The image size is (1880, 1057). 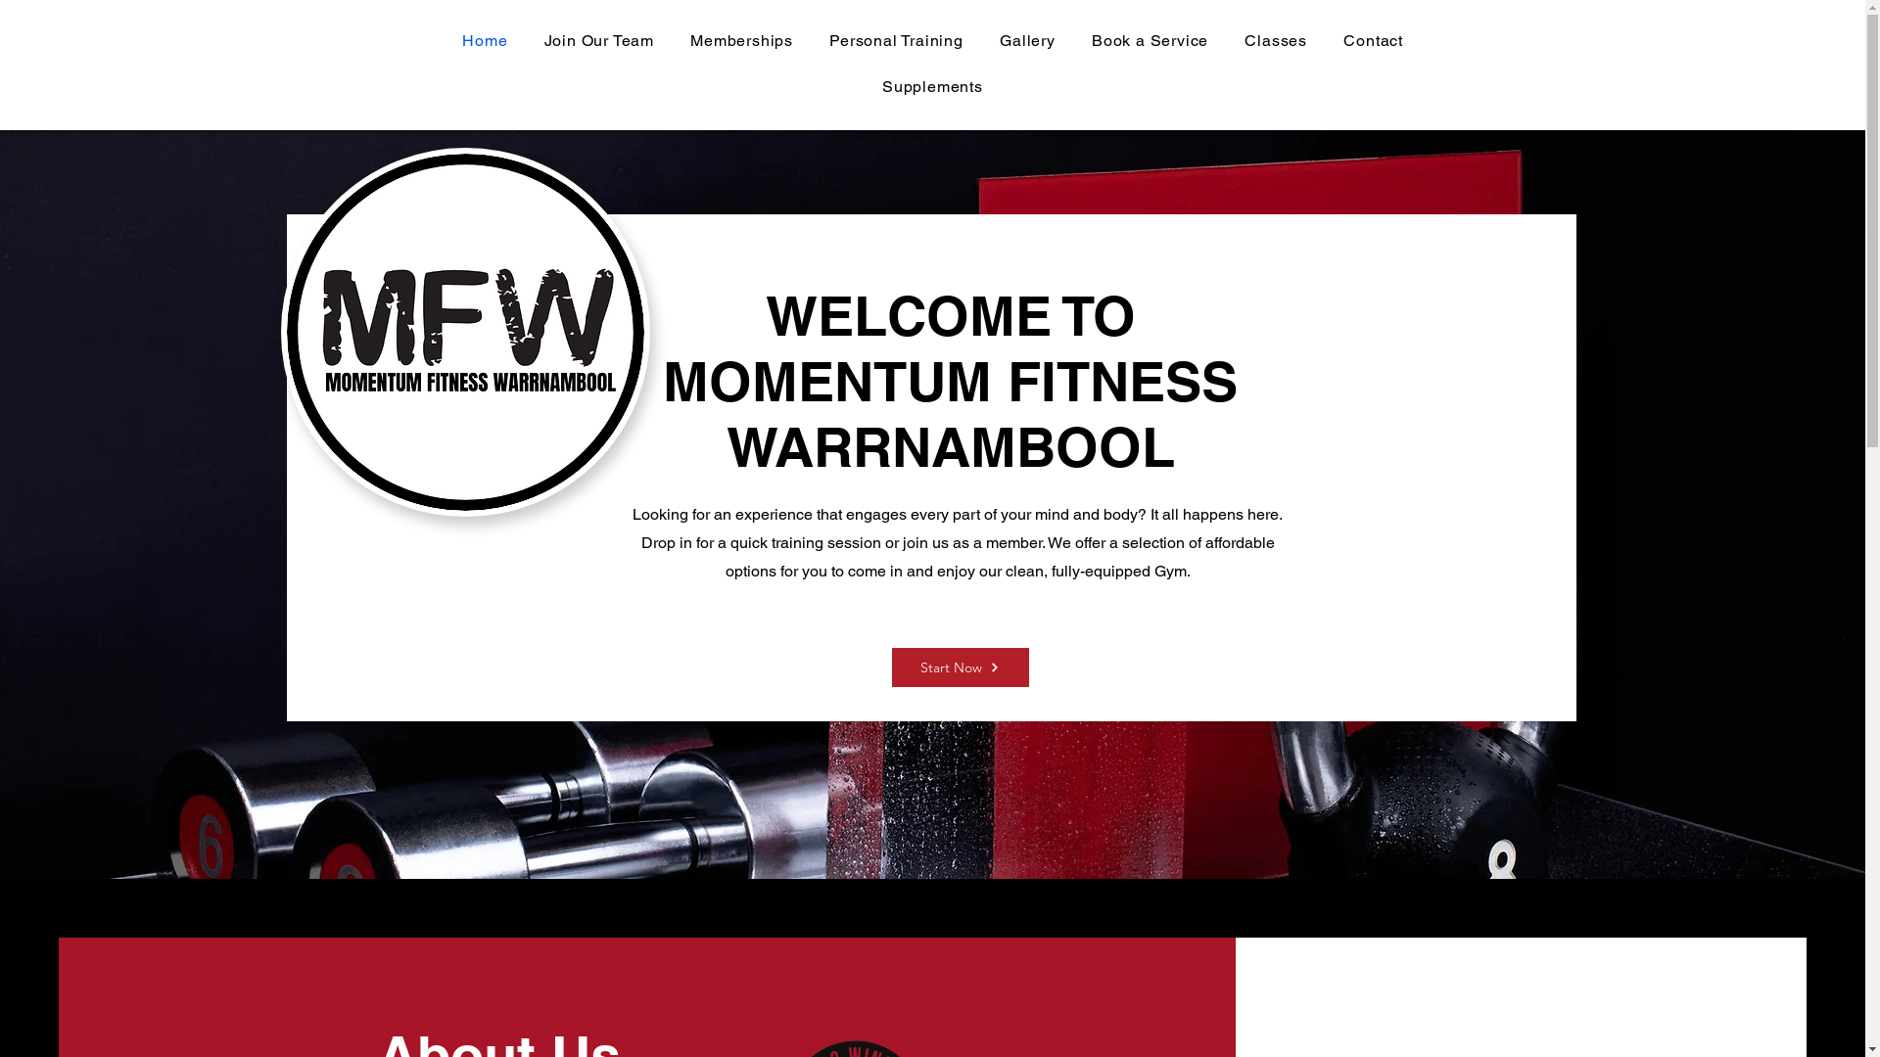 What do you see at coordinates (1276, 40) in the screenshot?
I see `'Classes'` at bounding box center [1276, 40].